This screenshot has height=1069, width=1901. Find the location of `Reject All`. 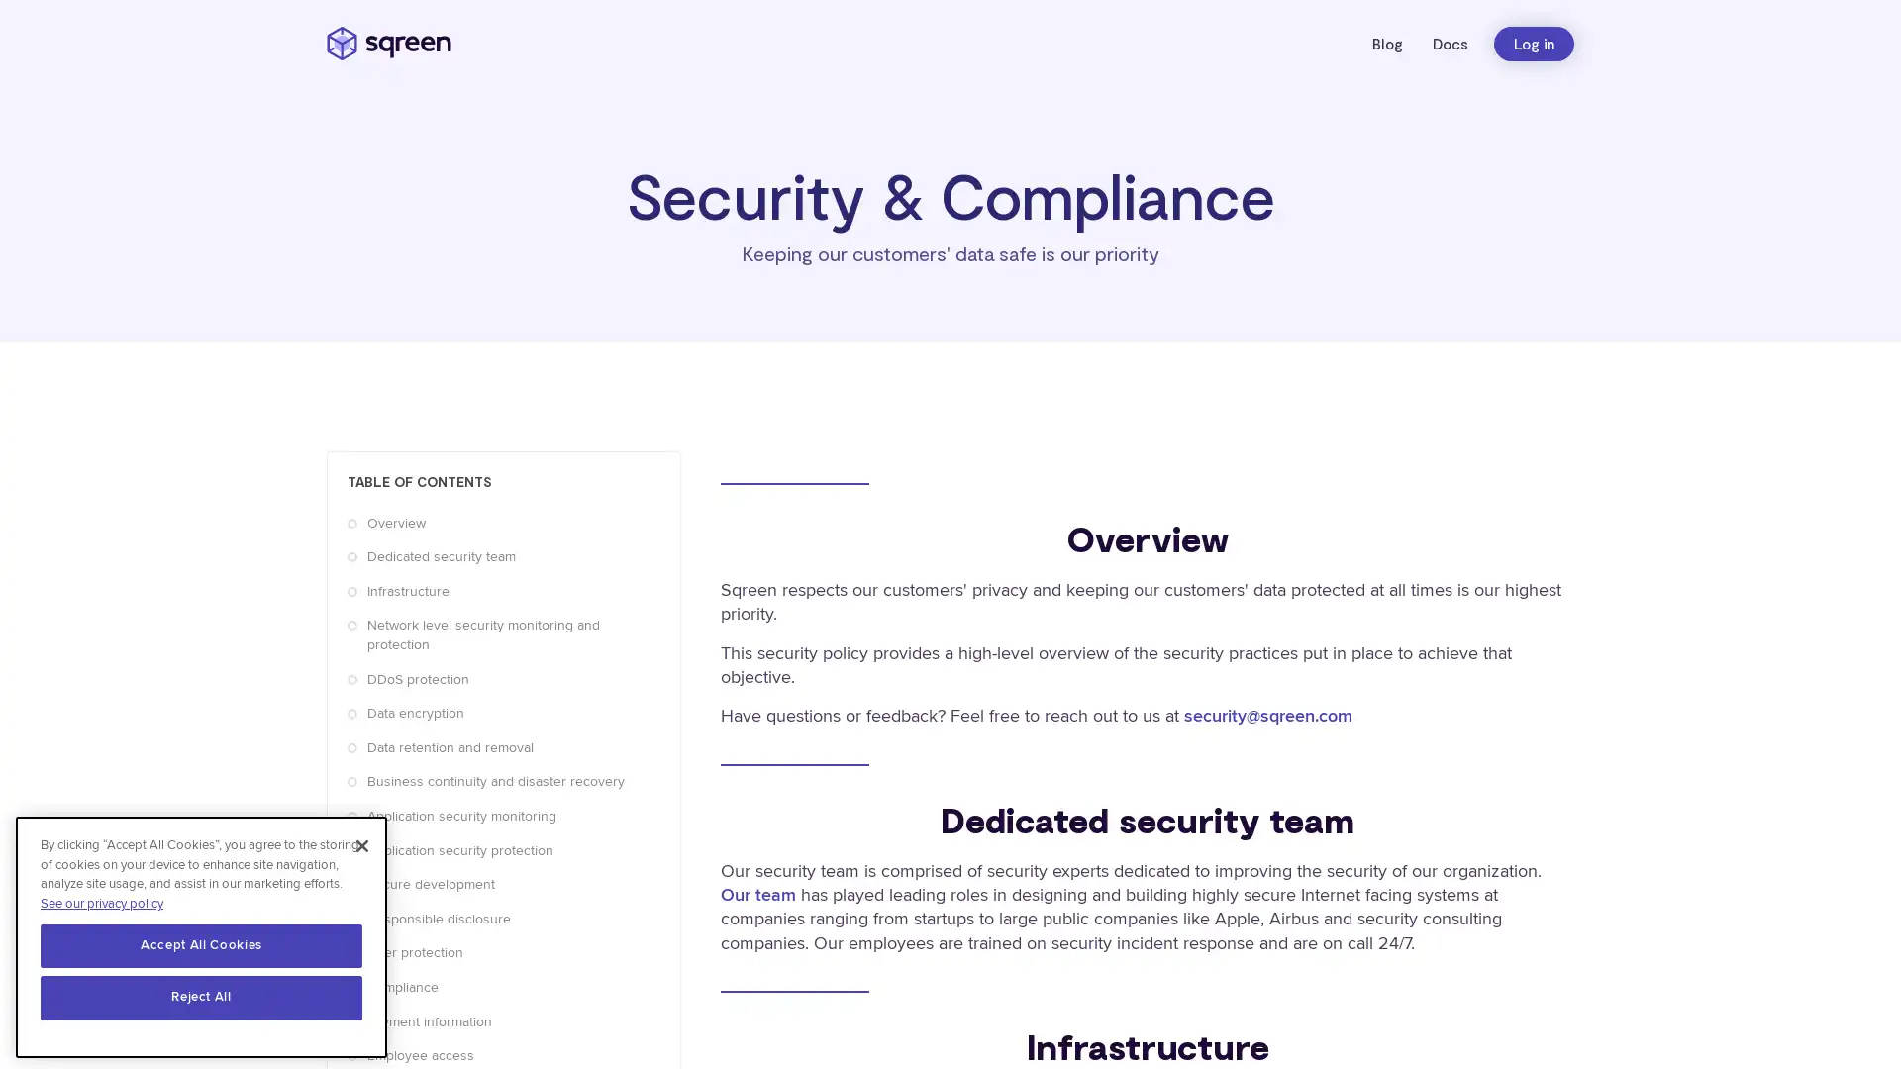

Reject All is located at coordinates (201, 995).